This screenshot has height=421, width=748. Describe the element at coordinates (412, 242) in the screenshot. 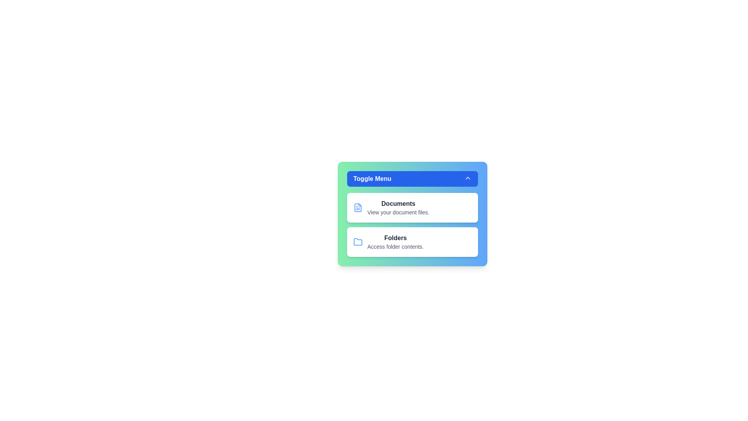

I see `the menu item Folders to trigger its action` at that location.